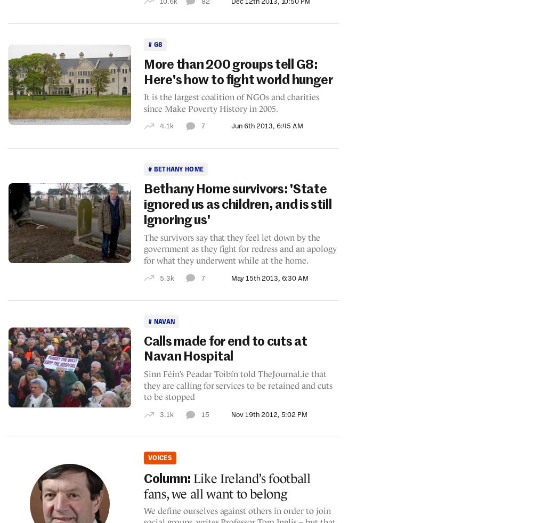  What do you see at coordinates (166, 414) in the screenshot?
I see `'3.1k'` at bounding box center [166, 414].